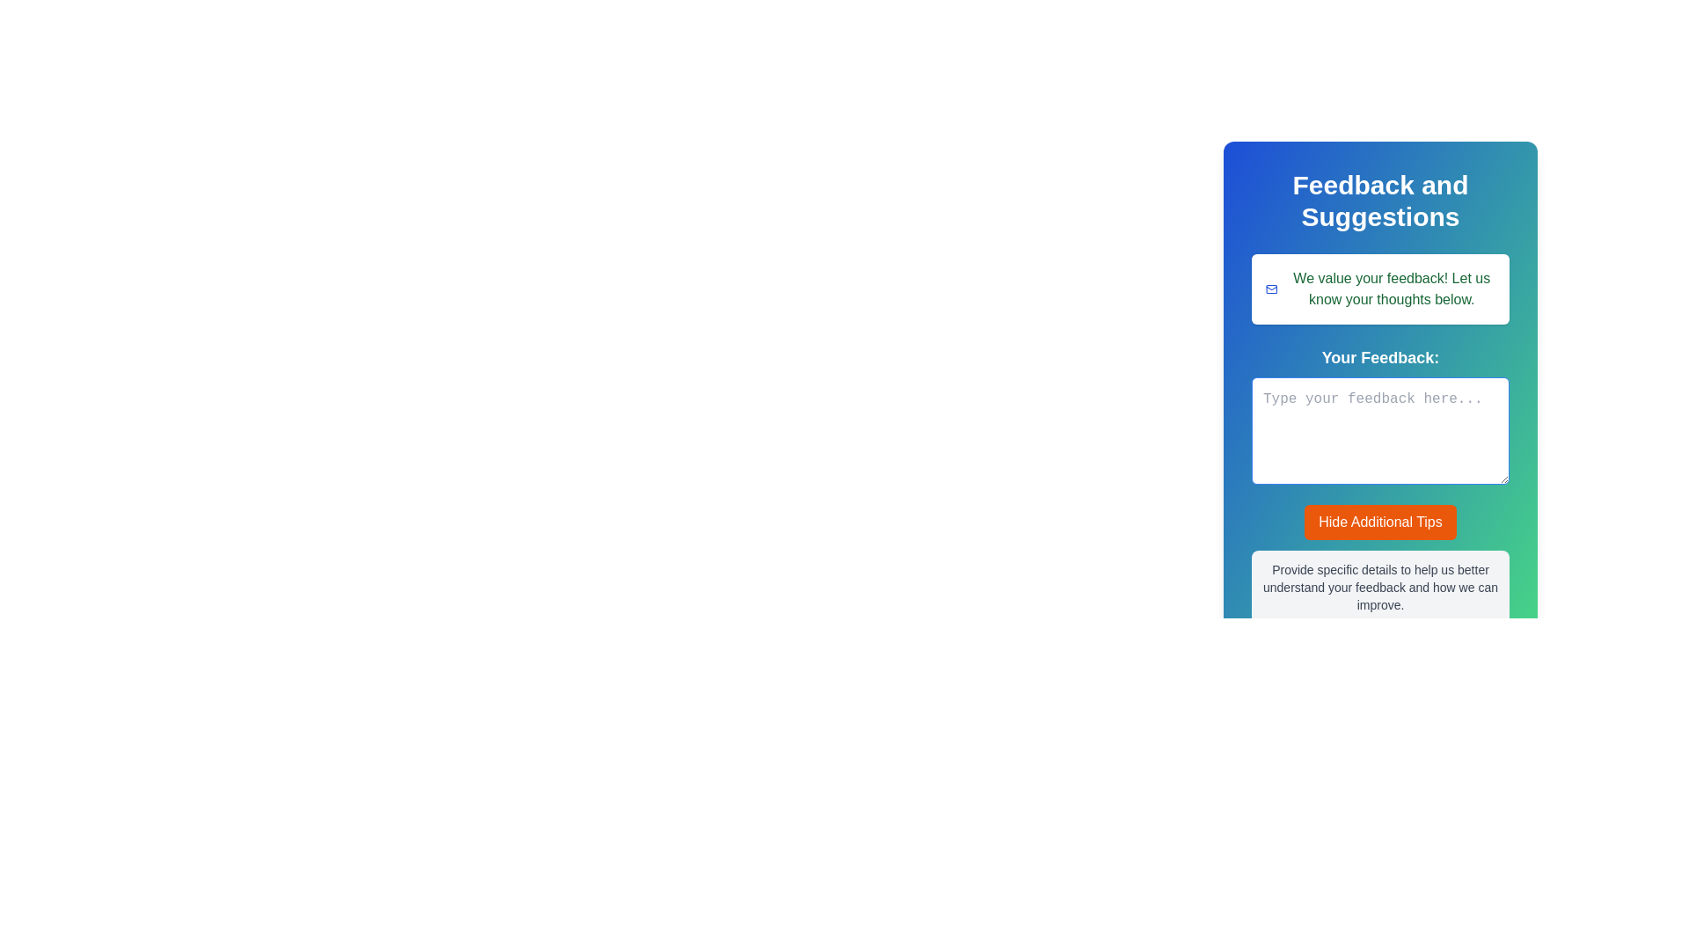  What do you see at coordinates (1379, 587) in the screenshot?
I see `the informational Text Label that provides guidance on user feedback, located near the bottom of the feedback interface, below the 'Hide Additional Tips' button` at bounding box center [1379, 587].